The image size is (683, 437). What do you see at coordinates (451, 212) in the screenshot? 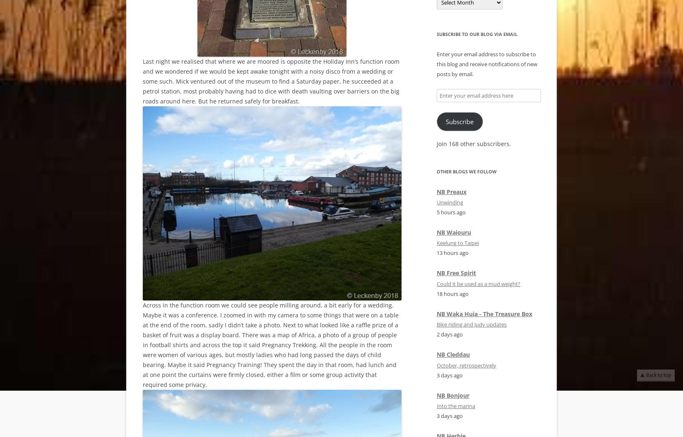
I see `'5 hours ago'` at bounding box center [451, 212].